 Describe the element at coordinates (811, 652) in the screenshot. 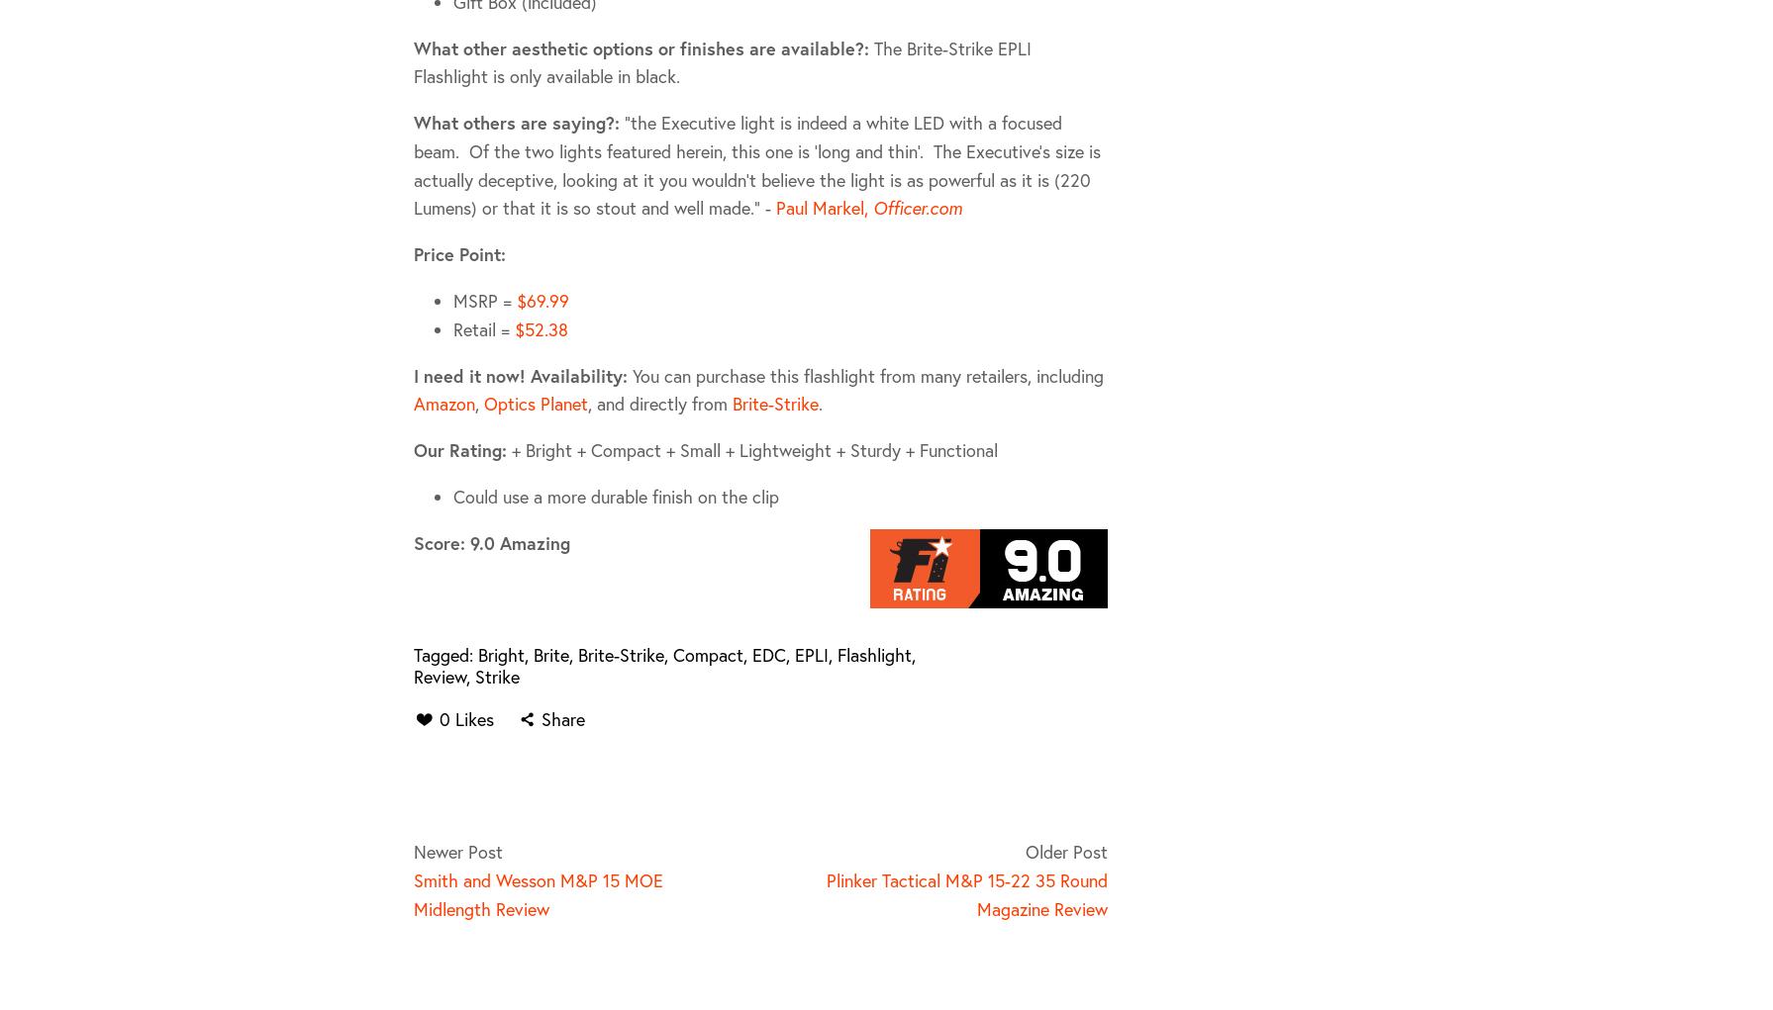

I see `'EPLI'` at that location.